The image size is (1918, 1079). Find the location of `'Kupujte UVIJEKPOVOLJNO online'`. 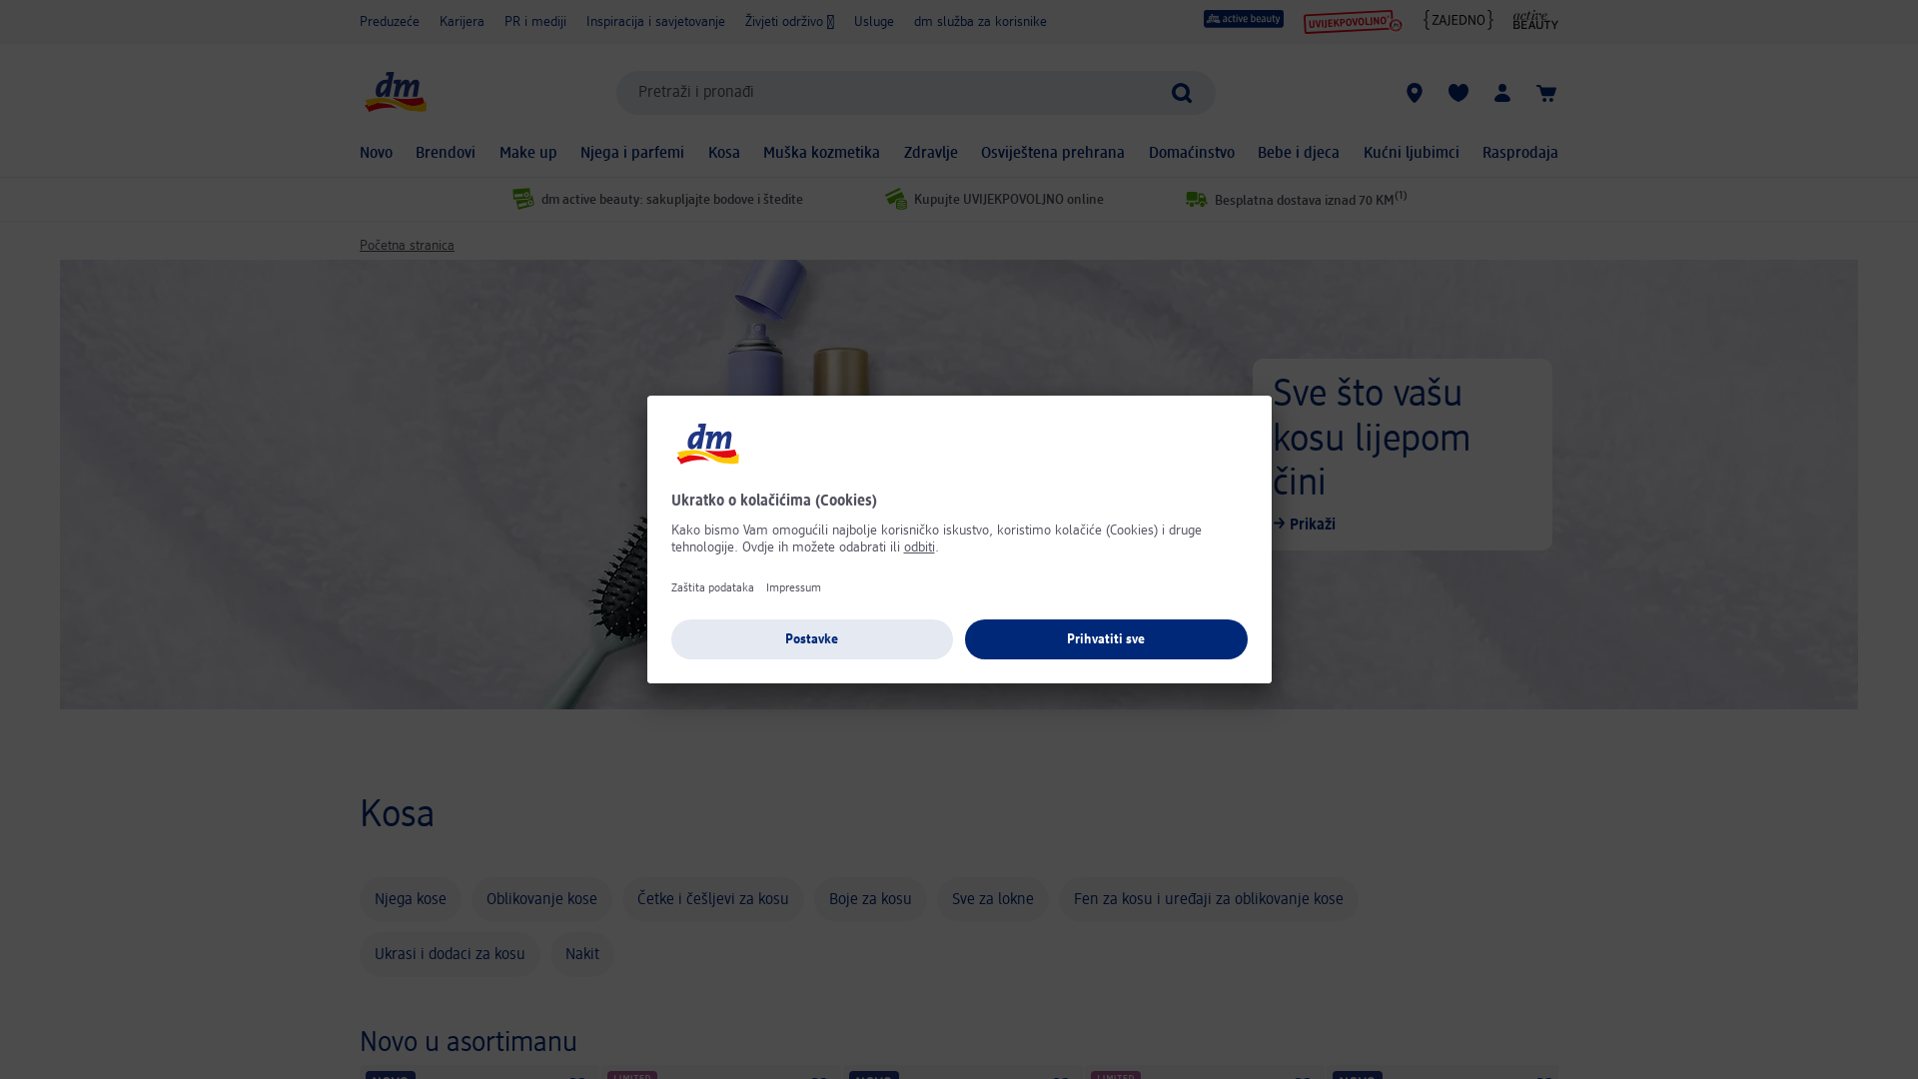

'Kupujte UVIJEKPOVOLJNO online' is located at coordinates (985, 199).